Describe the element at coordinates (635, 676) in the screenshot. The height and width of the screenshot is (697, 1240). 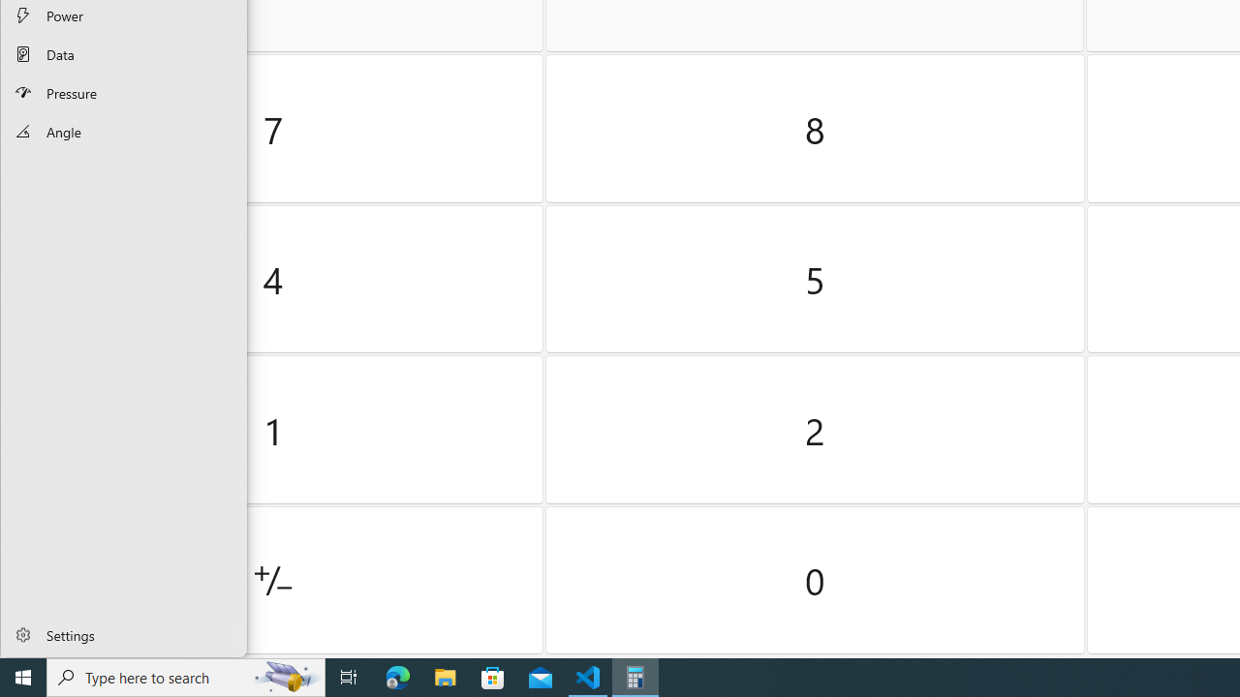
I see `'Calculator - 1 running window'` at that location.